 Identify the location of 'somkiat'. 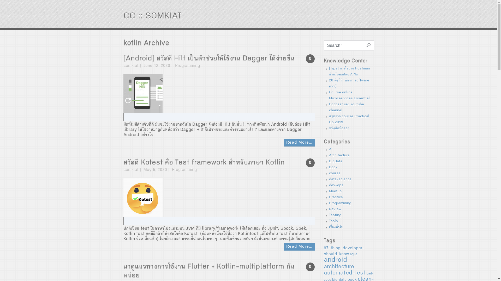
(130, 170).